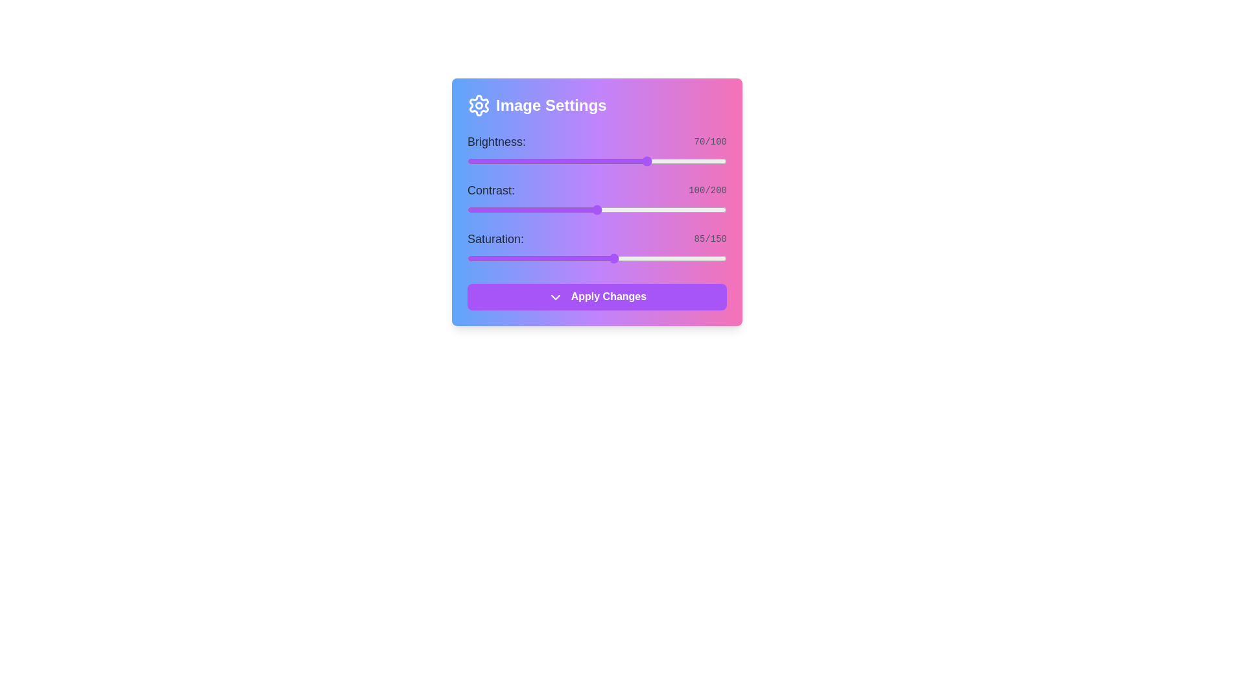 The height and width of the screenshot is (700, 1245). Describe the element at coordinates (587, 209) in the screenshot. I see `the contrast slider to 93 value` at that location.